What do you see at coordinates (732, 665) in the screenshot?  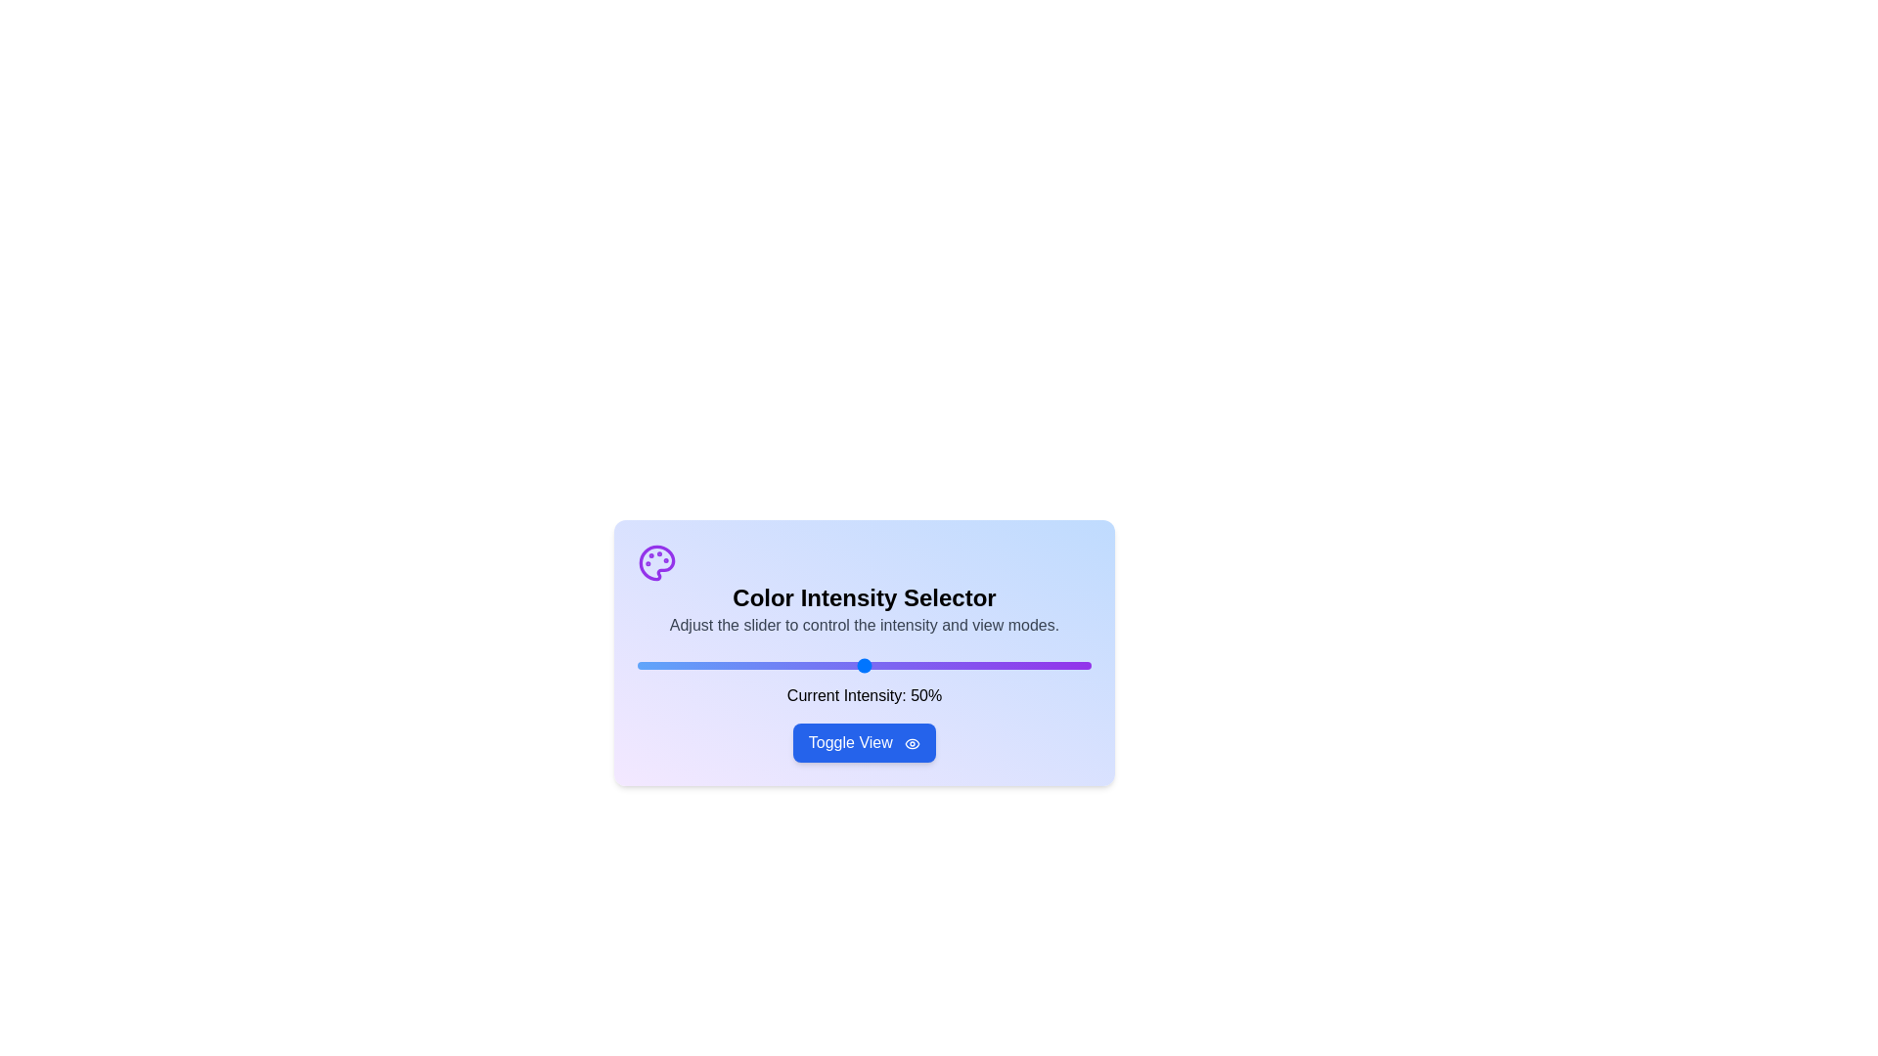 I see `the slider to set the intensity to 21%` at bounding box center [732, 665].